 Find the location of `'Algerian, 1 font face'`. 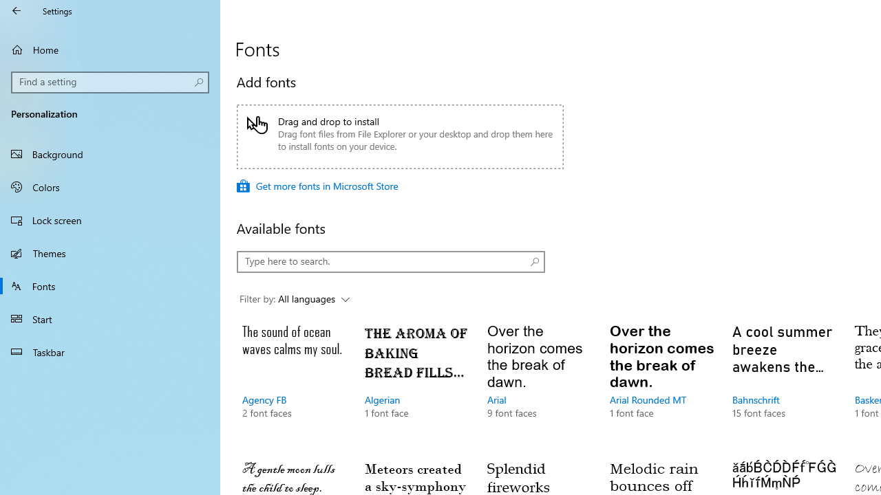

'Algerian, 1 font face' is located at coordinates (415, 385).